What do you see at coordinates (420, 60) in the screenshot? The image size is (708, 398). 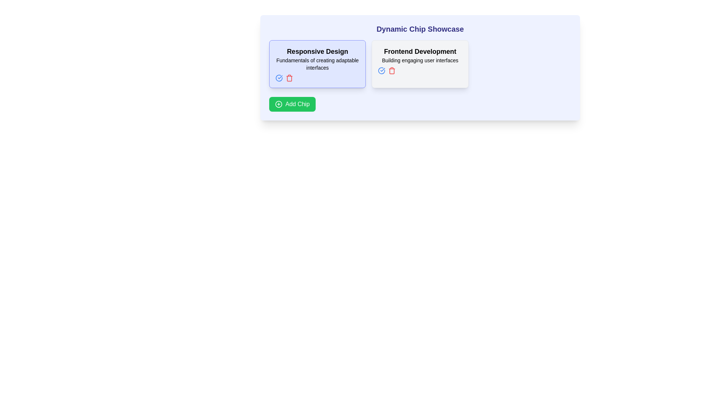 I see `the text reading 'Building engaging user interfaces' which is styled in light gray and located below the 'Frontend Development' heading in the second card from the left` at bounding box center [420, 60].